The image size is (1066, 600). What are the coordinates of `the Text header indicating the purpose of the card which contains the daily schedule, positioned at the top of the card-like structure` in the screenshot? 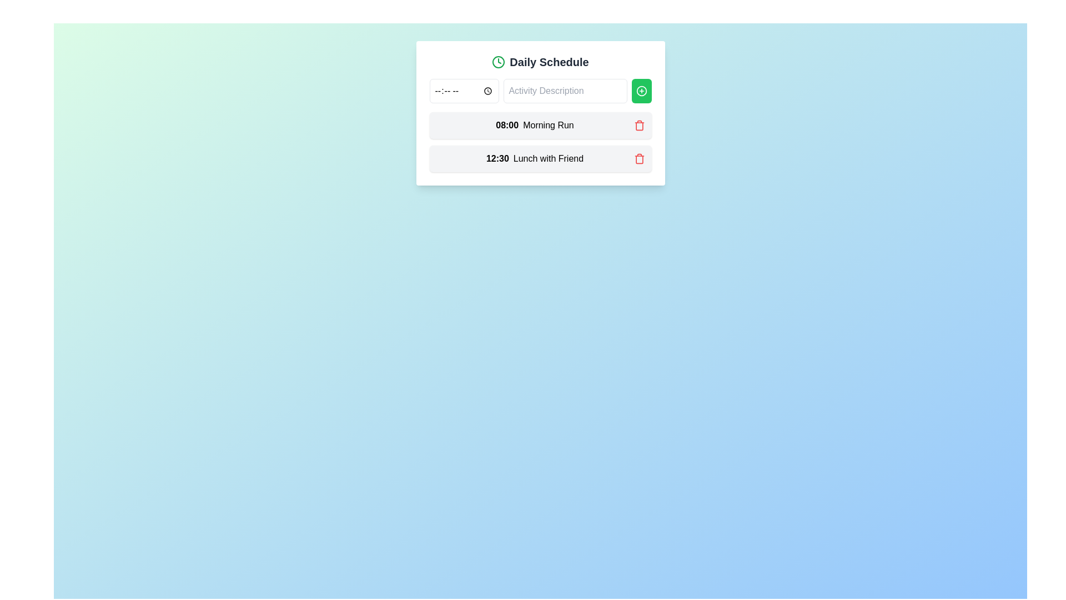 It's located at (540, 62).